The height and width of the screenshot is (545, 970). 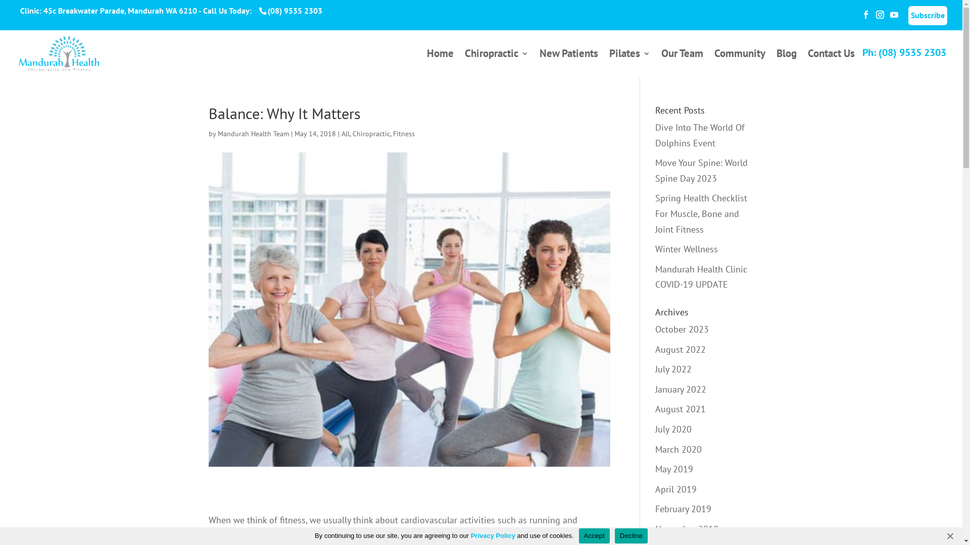 I want to click on 'Community', so click(x=740, y=63).